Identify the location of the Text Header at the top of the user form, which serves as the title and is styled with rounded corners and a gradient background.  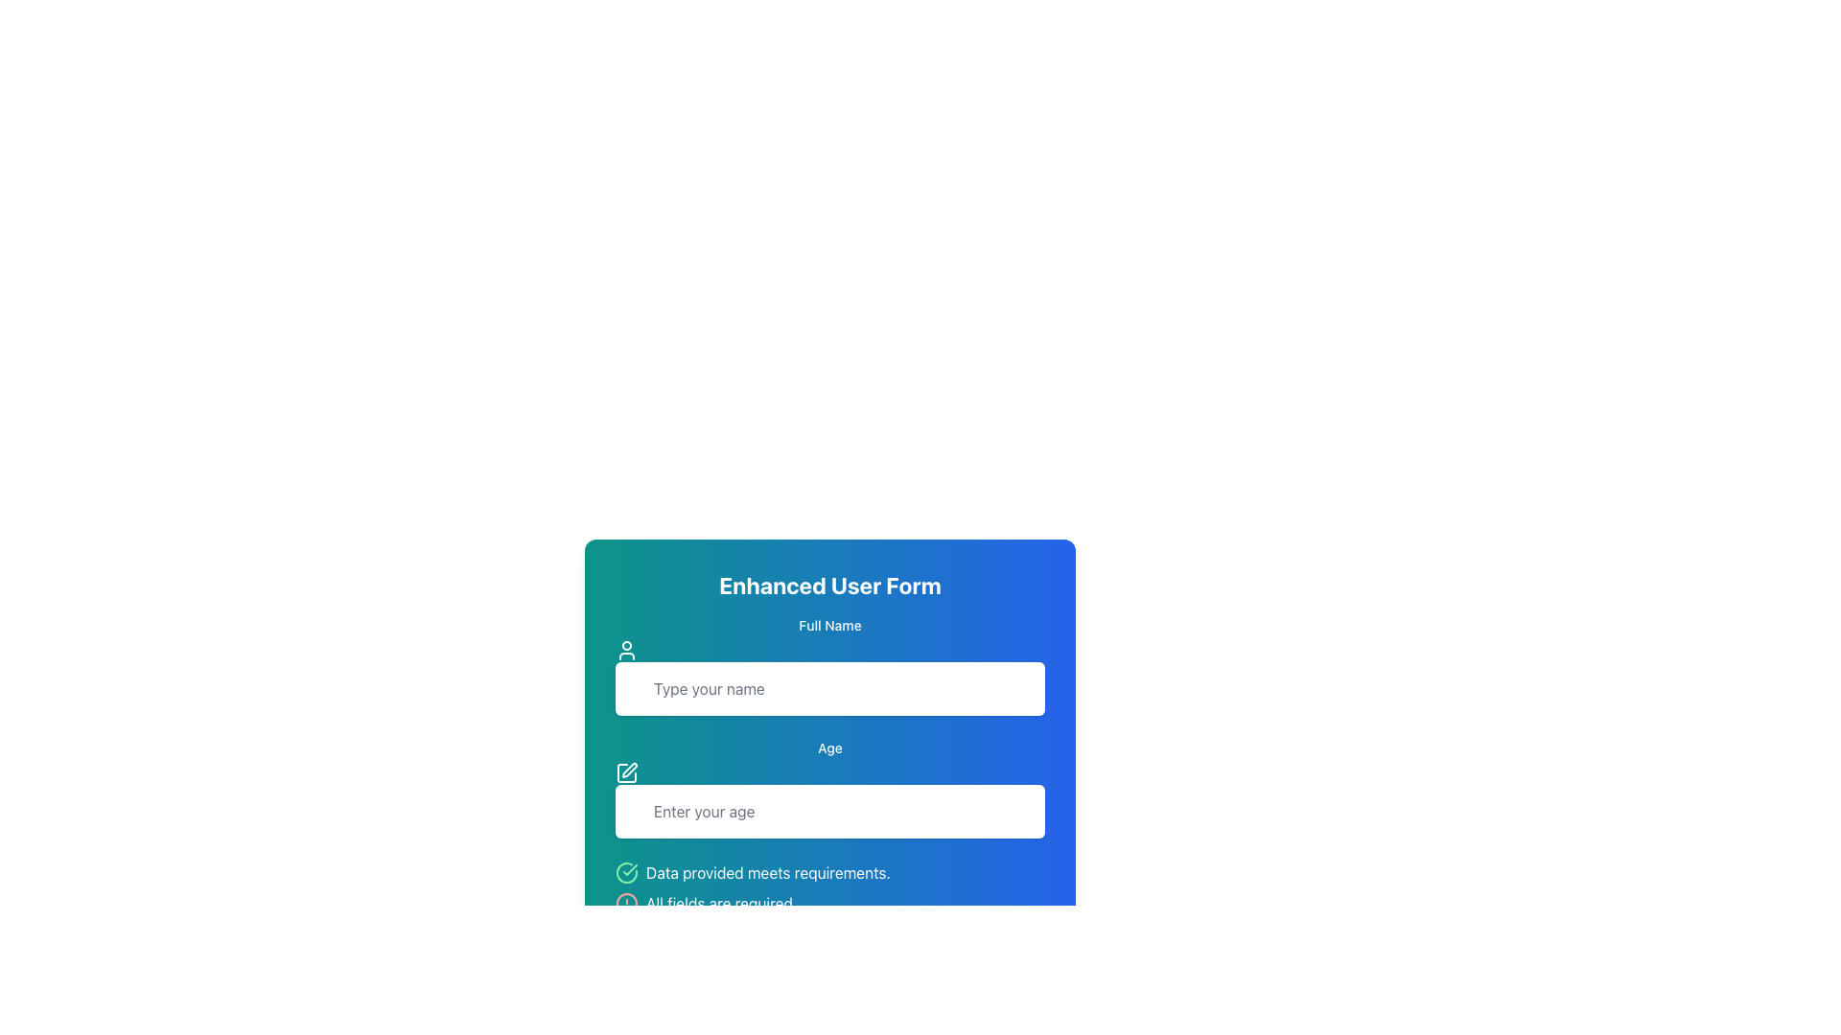
(829, 584).